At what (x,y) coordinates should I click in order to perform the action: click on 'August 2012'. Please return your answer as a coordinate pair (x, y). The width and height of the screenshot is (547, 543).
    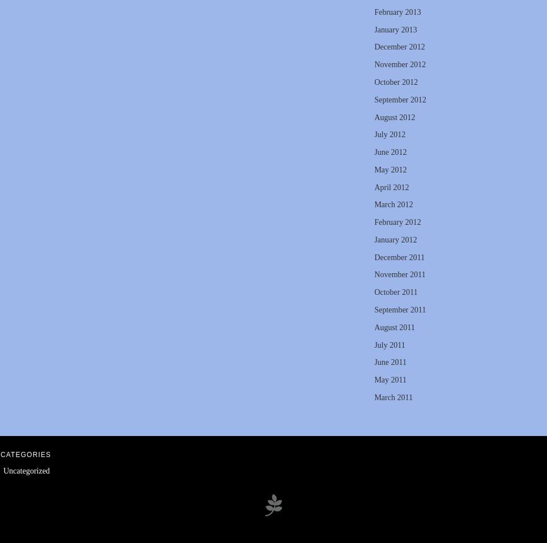
    Looking at the image, I should click on (393, 116).